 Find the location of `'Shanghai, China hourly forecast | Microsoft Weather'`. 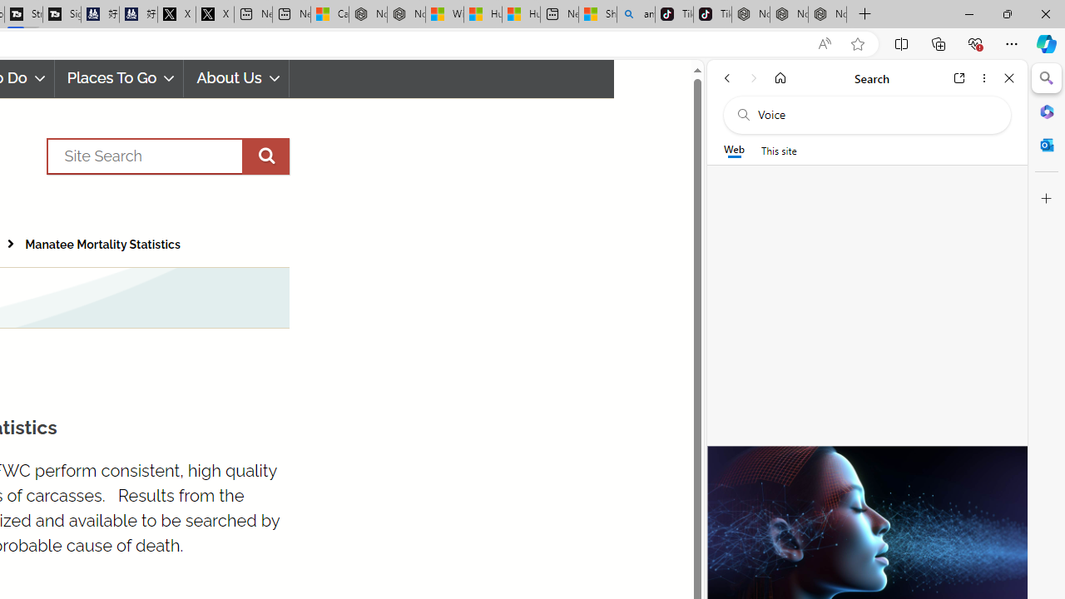

'Shanghai, China hourly forecast | Microsoft Weather' is located at coordinates (597, 14).